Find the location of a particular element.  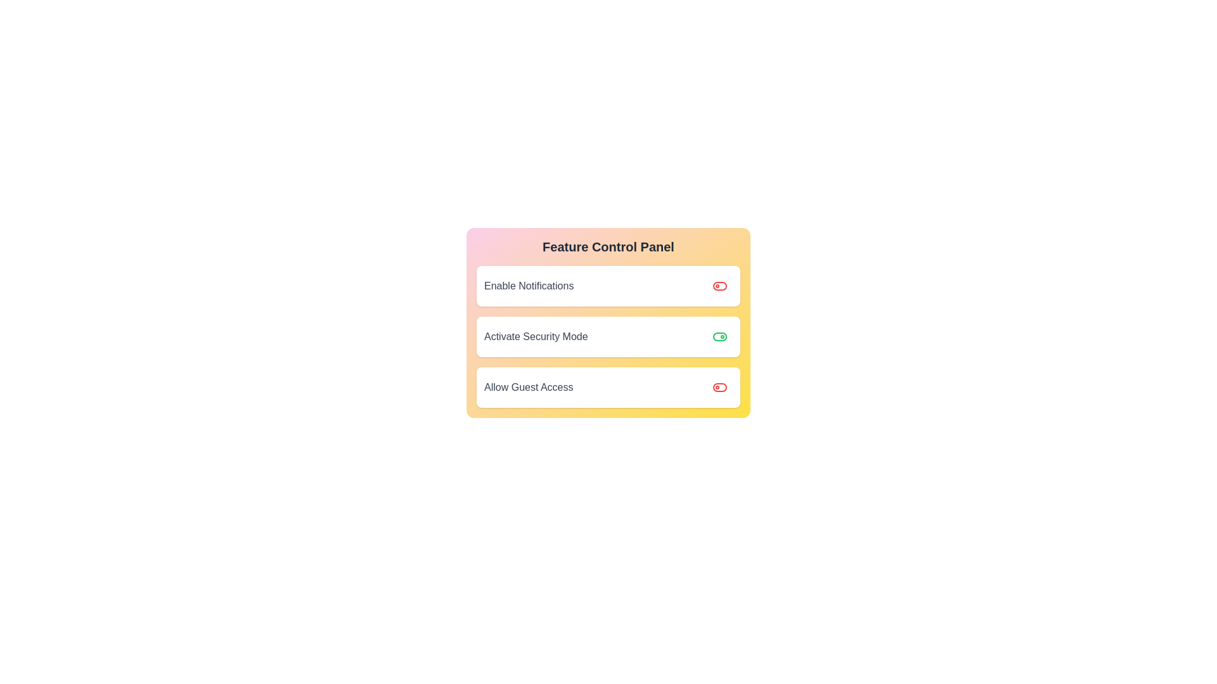

the toggle switch labeled 'Activate Security Mode' in the second row of the 'Feature Control Panel' is located at coordinates (608, 322).